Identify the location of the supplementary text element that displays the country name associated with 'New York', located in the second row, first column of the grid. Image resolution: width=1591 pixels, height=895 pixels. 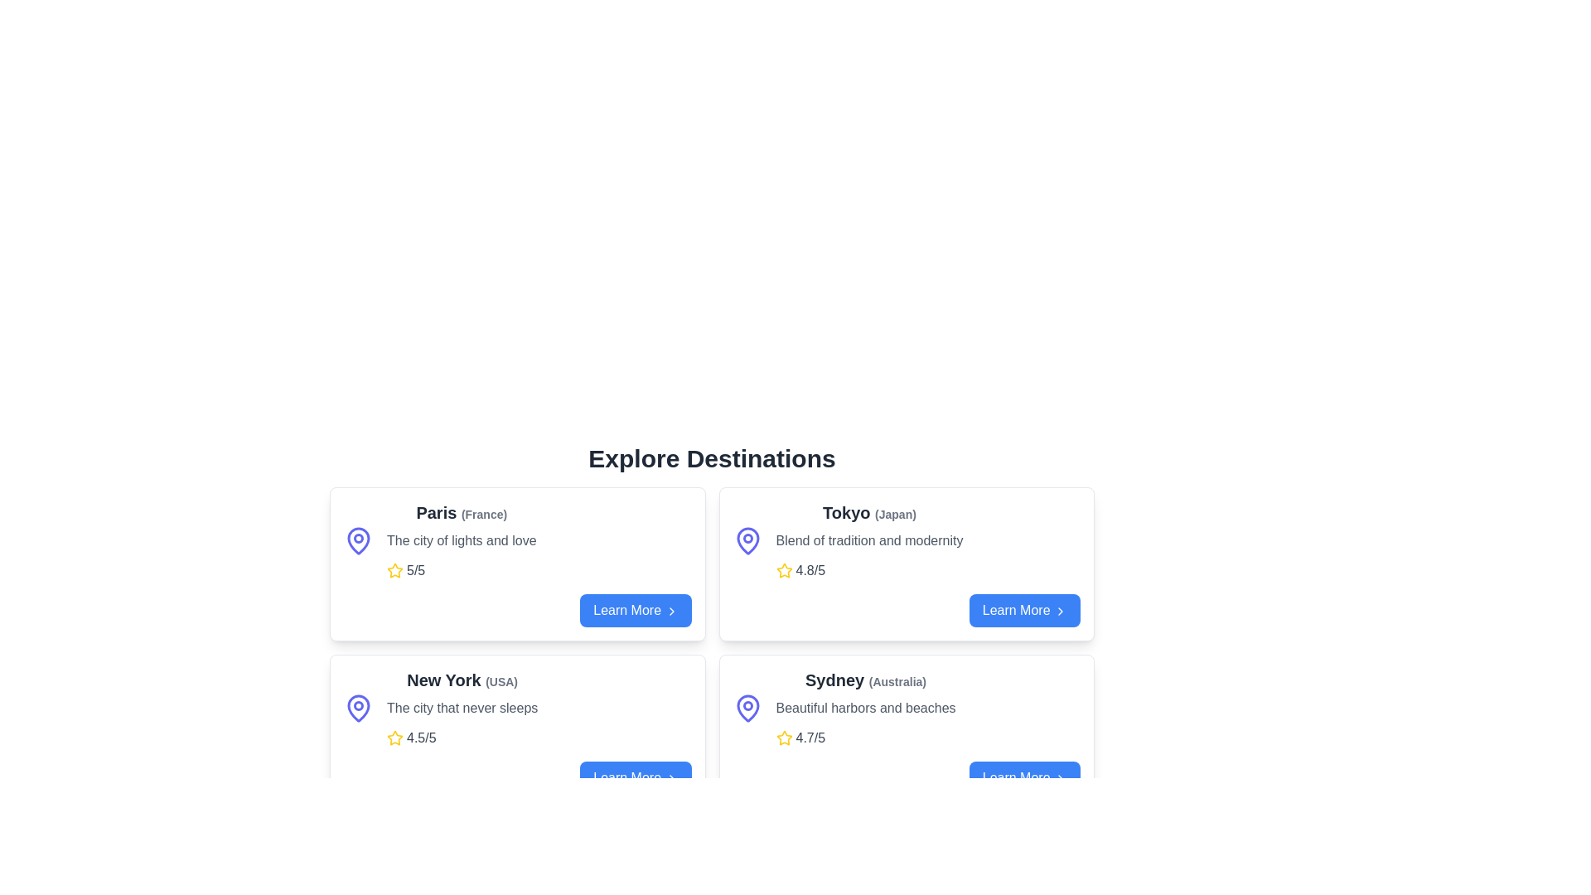
(501, 681).